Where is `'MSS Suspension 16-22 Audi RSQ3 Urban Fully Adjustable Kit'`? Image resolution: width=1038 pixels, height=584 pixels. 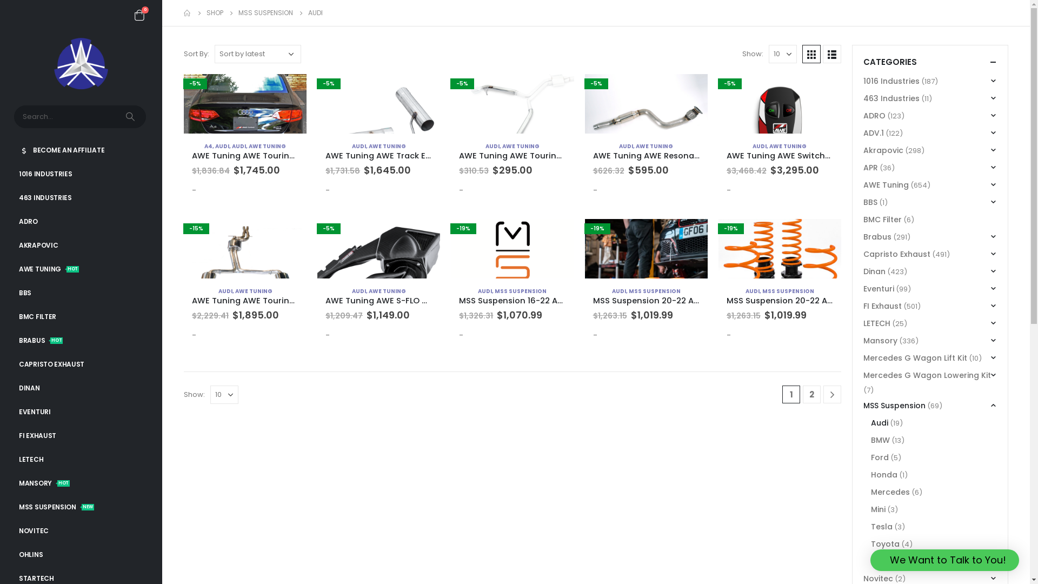
'MSS Suspension 16-22 Audi RSQ3 Urban Fully Adjustable Kit' is located at coordinates (459, 301).